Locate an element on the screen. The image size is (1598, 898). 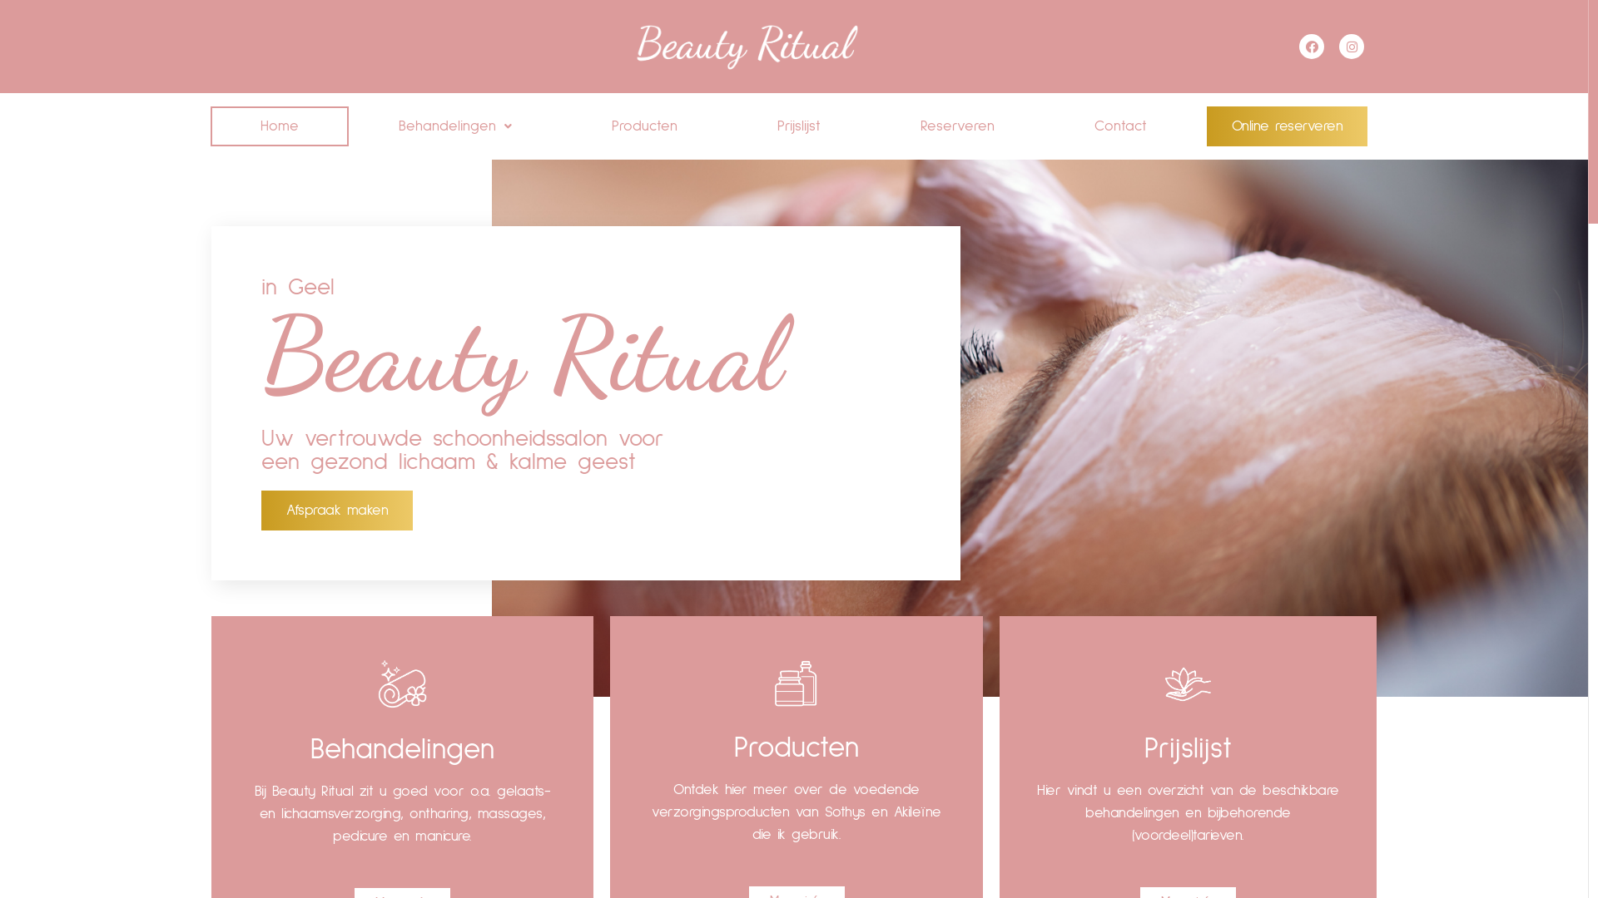
'Home' is located at coordinates (280, 125).